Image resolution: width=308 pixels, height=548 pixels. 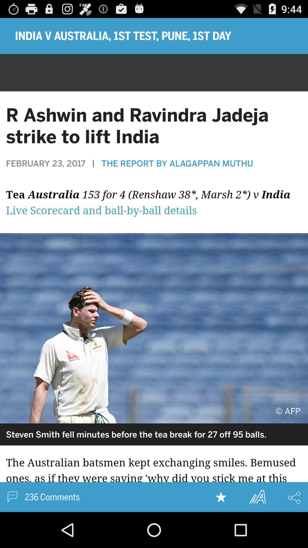 What do you see at coordinates (221, 531) in the screenshot?
I see `the star icon` at bounding box center [221, 531].